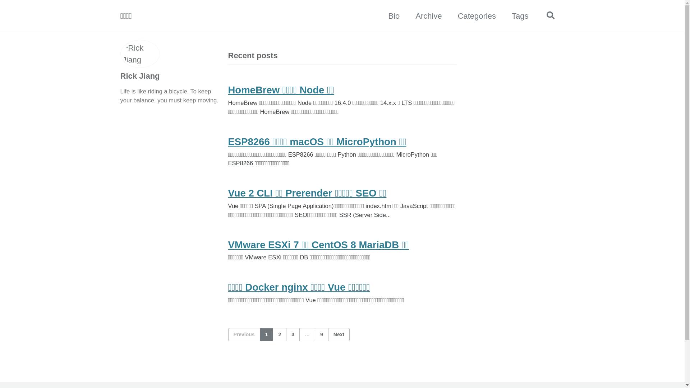  Describe the element at coordinates (244, 334) in the screenshot. I see `'Previous'` at that location.